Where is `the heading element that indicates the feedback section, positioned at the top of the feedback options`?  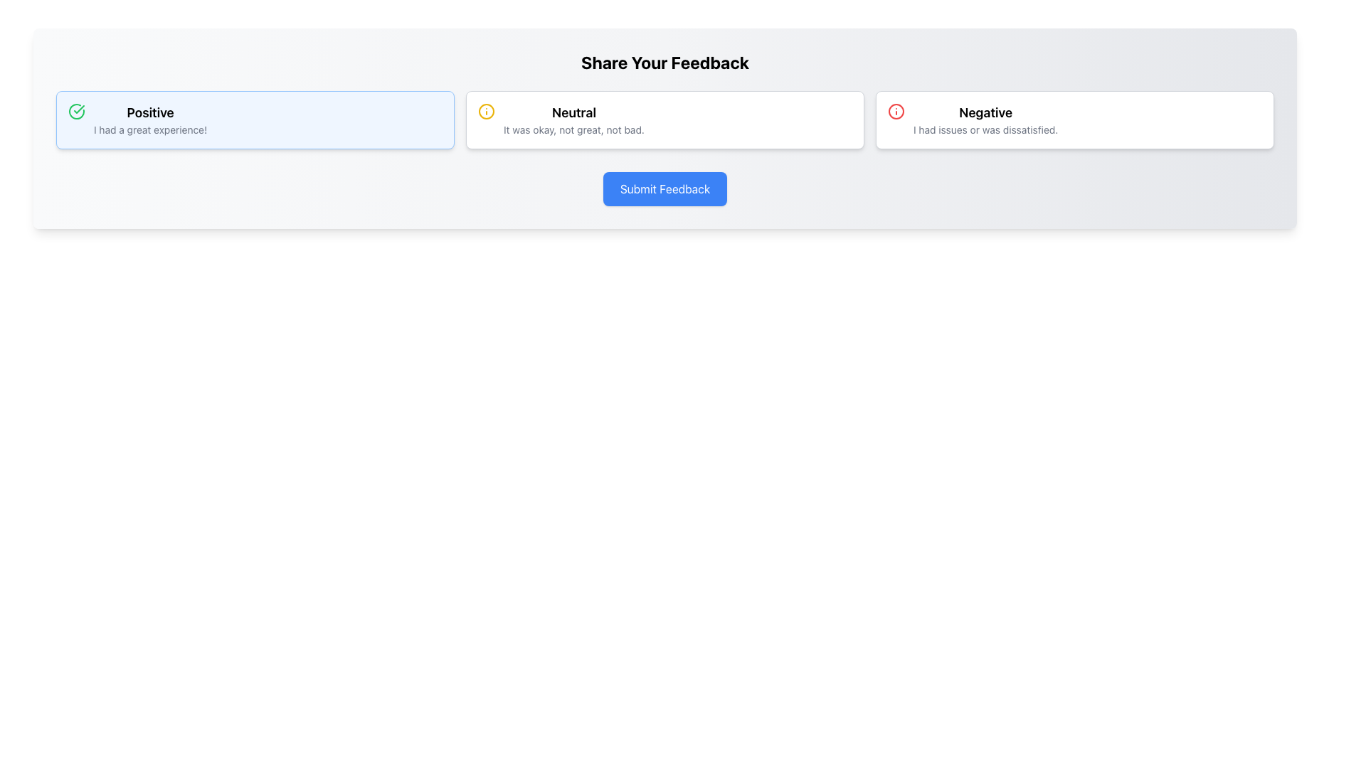
the heading element that indicates the feedback section, positioned at the top of the feedback options is located at coordinates (665, 62).